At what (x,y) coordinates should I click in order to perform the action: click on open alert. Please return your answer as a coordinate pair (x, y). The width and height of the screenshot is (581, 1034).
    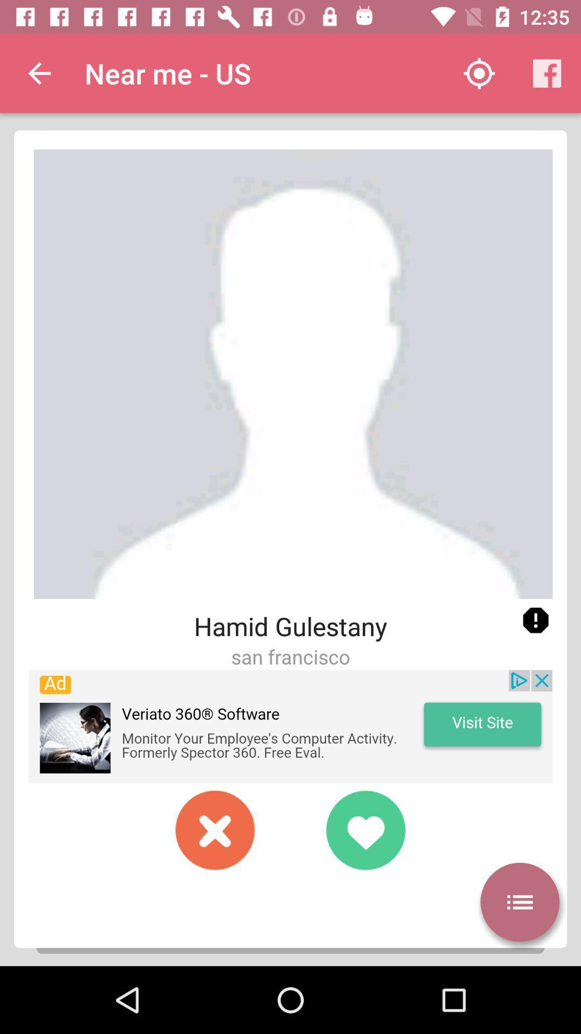
    Looking at the image, I should click on (535, 620).